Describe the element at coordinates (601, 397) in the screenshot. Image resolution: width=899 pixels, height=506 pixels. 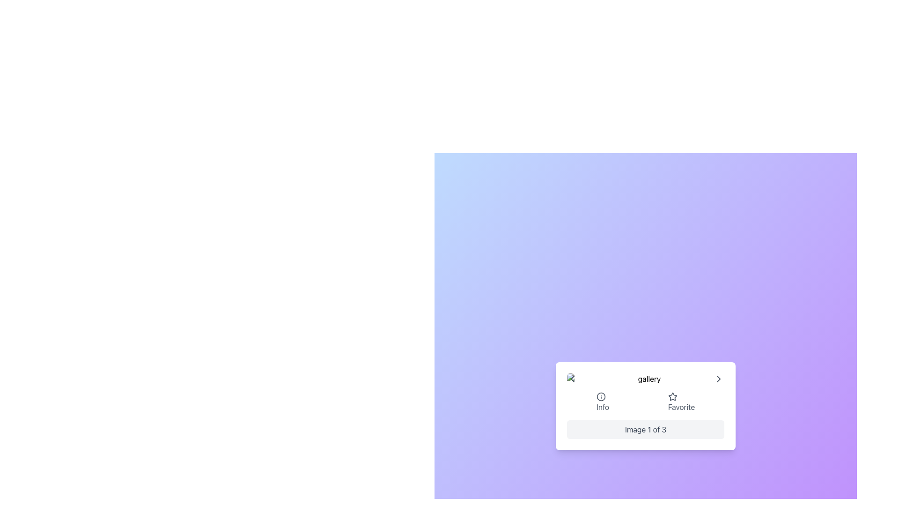
I see `the information icon located at the lower-left of the modal box in the interface, which provides additional details when interacted with` at that location.